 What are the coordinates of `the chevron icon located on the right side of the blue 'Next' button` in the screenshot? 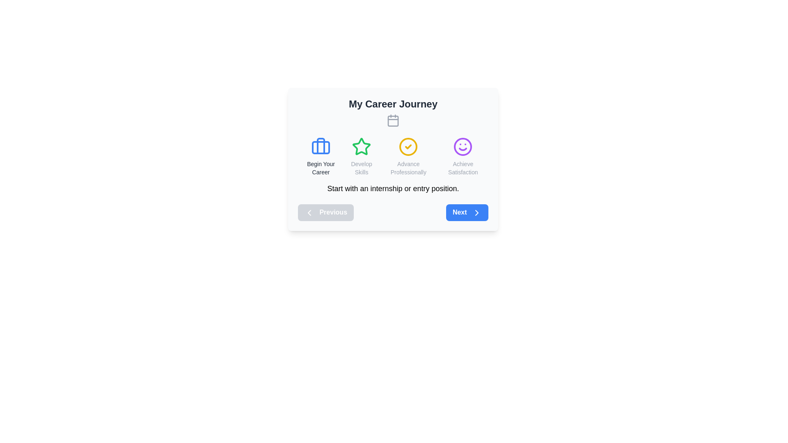 It's located at (476, 212).